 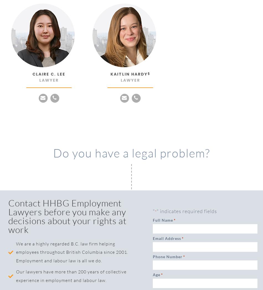 What do you see at coordinates (187, 211) in the screenshot?
I see `'" indicates required fields'` at bounding box center [187, 211].